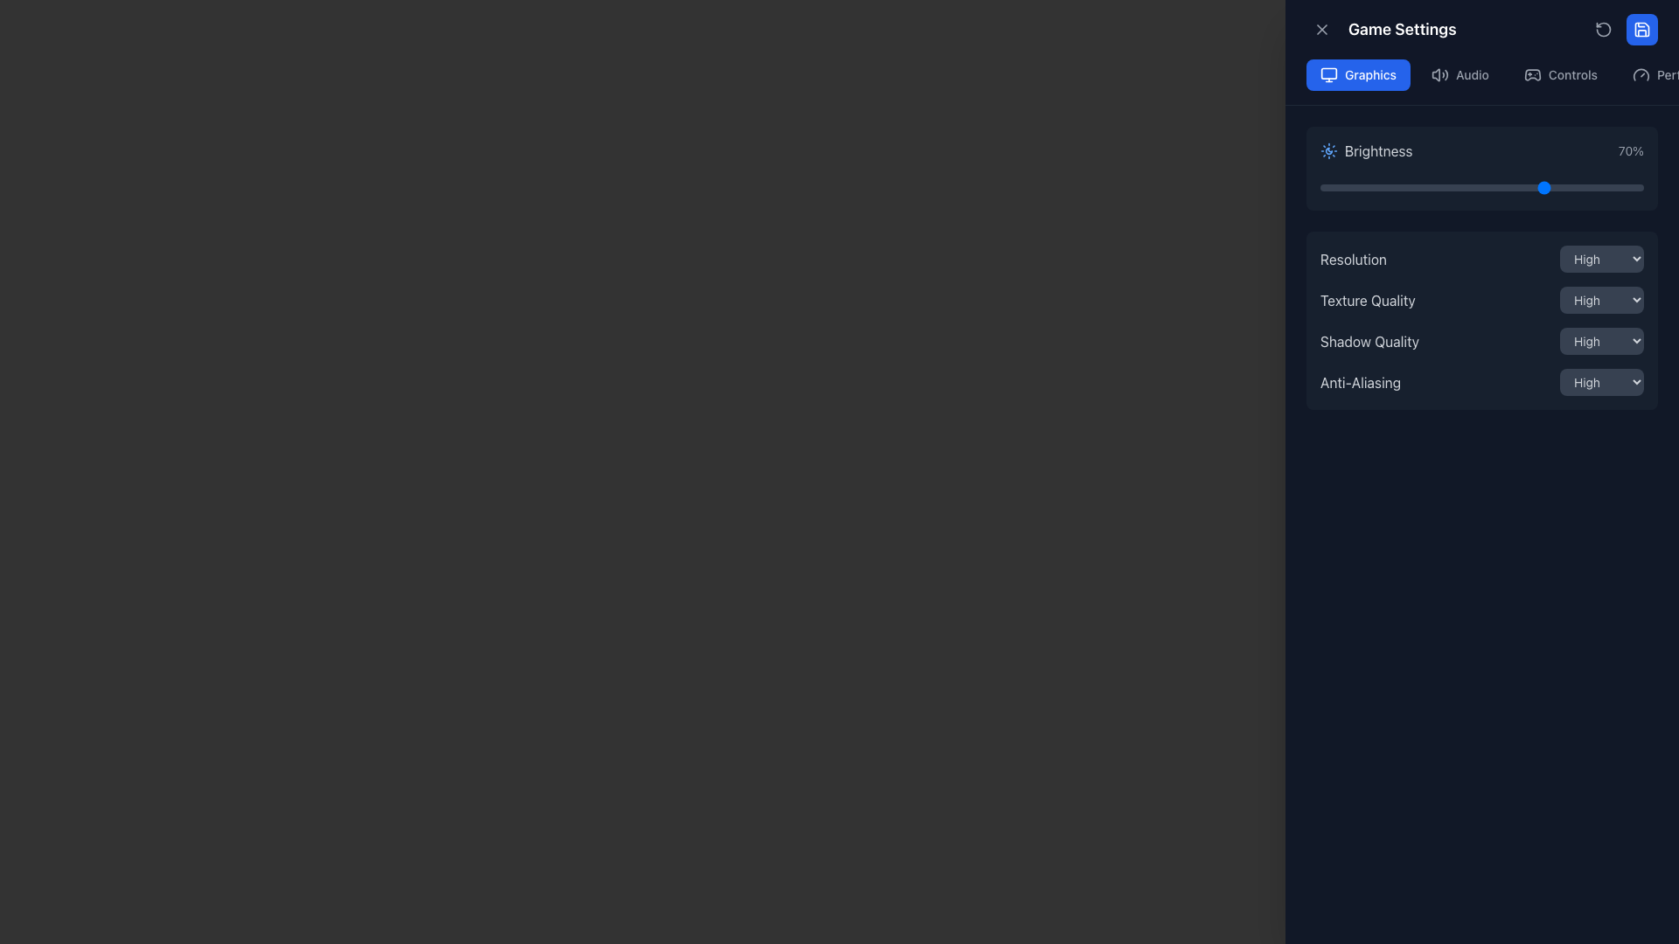  I want to click on the close button for the 'Game Settings' section, so click(1322, 30).